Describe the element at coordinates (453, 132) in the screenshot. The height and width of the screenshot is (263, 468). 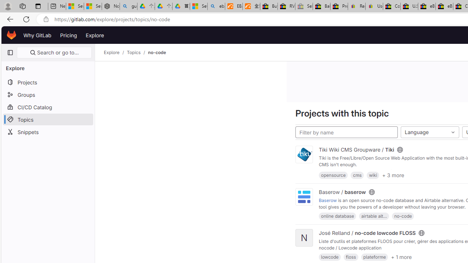
I see `'Class: s16 dropdown-menu-toggle-icon'` at that location.